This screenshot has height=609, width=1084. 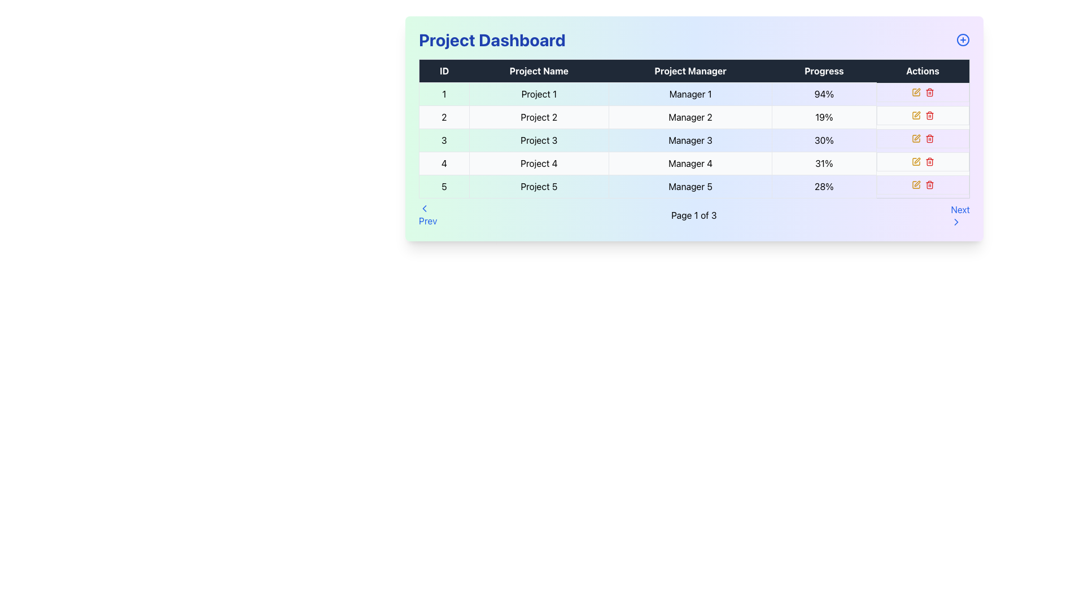 I want to click on the text display showing '19%' which is centrally aligned within the 'Progress' column of the row for 'Project 2', so click(x=824, y=117).